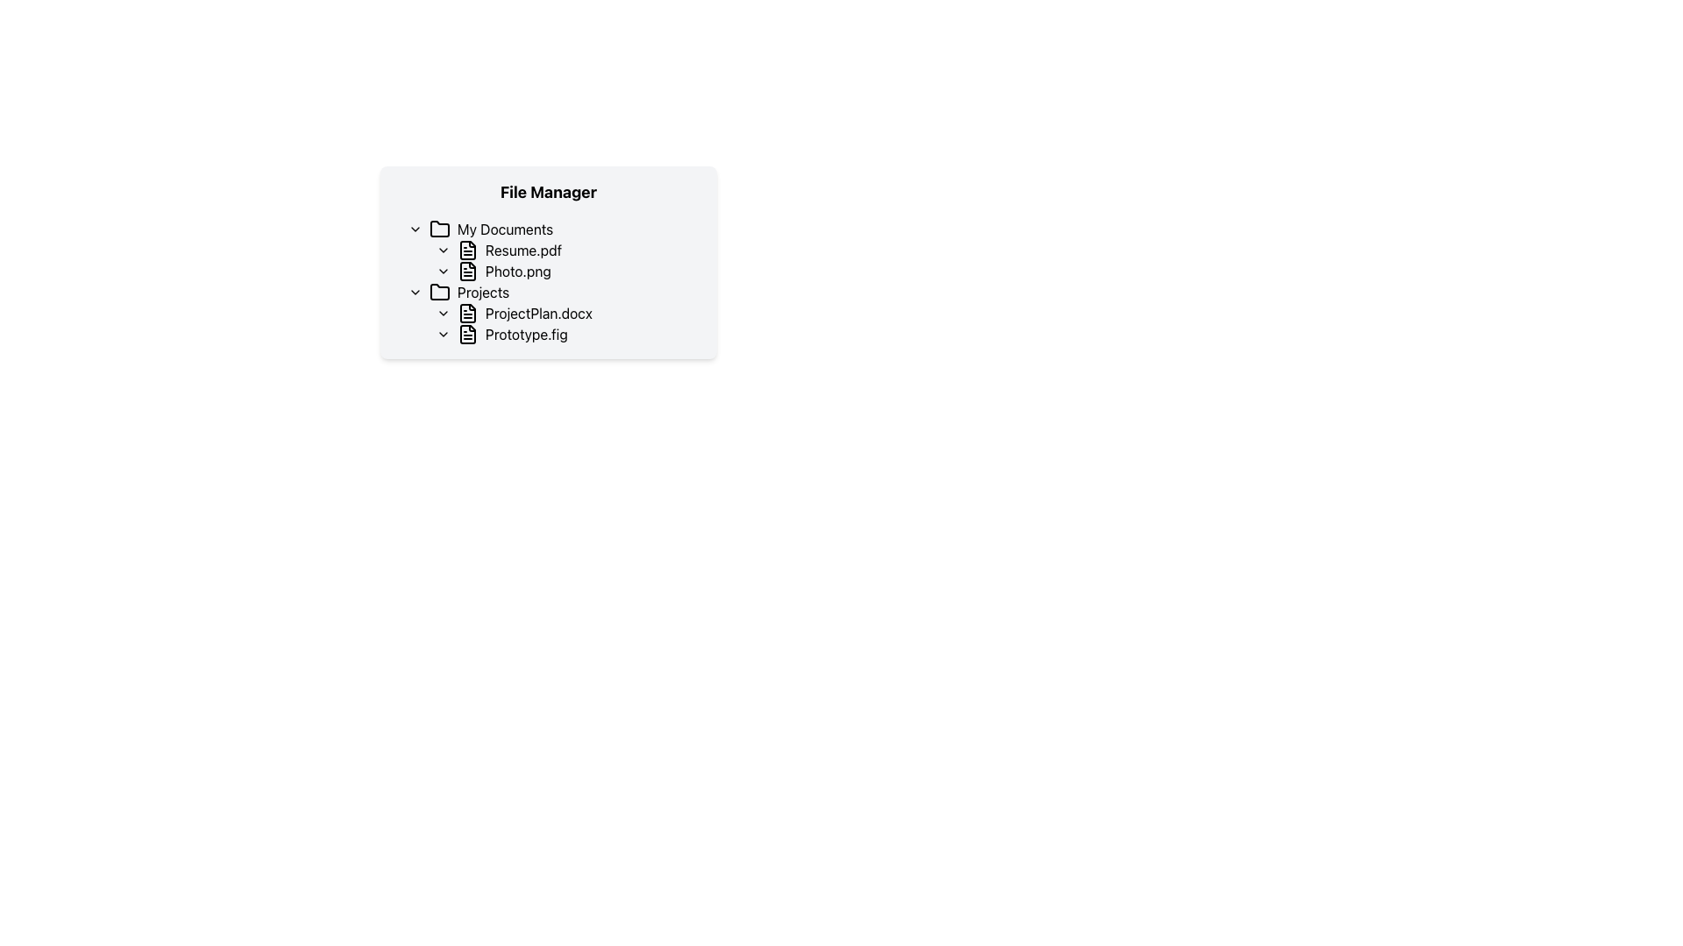 Image resolution: width=1683 pixels, height=946 pixels. What do you see at coordinates (467, 271) in the screenshot?
I see `the file document icon located next` at bounding box center [467, 271].